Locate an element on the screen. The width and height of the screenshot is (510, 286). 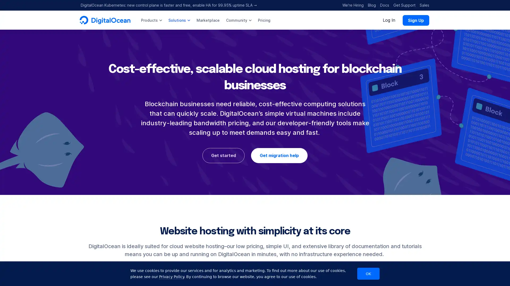
Solutions is located at coordinates (179, 20).